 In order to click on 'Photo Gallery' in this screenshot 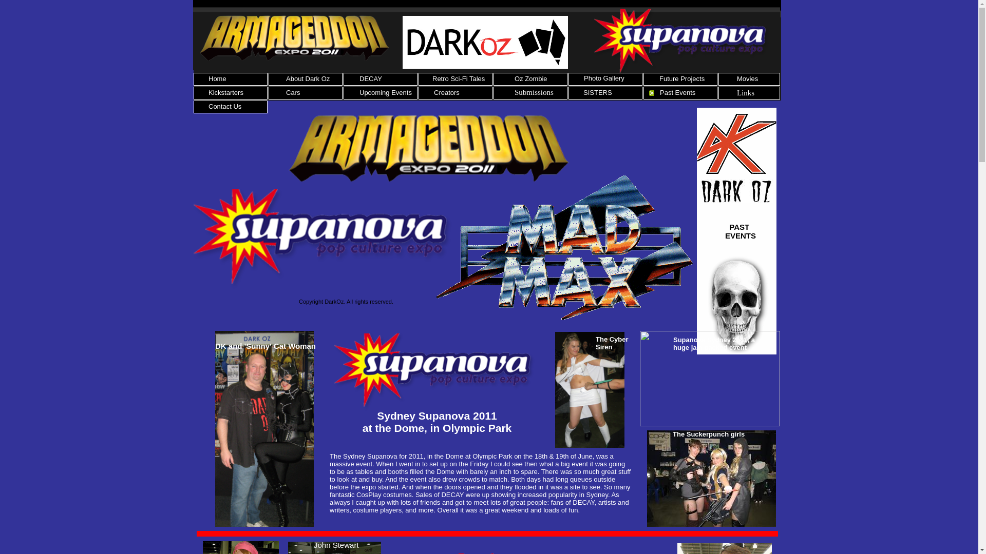, I will do `click(584, 77)`.